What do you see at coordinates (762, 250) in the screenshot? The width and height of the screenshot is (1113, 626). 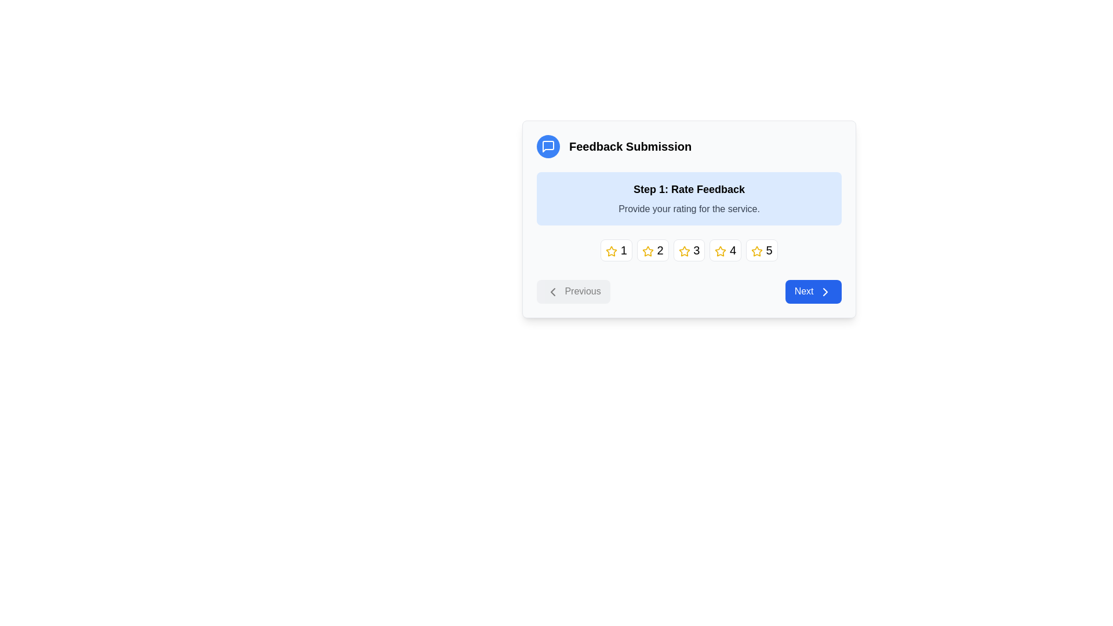 I see `the numeral '5' button with a yellow star icon, which is the fifth element in a horizontal row of similar buttons` at bounding box center [762, 250].